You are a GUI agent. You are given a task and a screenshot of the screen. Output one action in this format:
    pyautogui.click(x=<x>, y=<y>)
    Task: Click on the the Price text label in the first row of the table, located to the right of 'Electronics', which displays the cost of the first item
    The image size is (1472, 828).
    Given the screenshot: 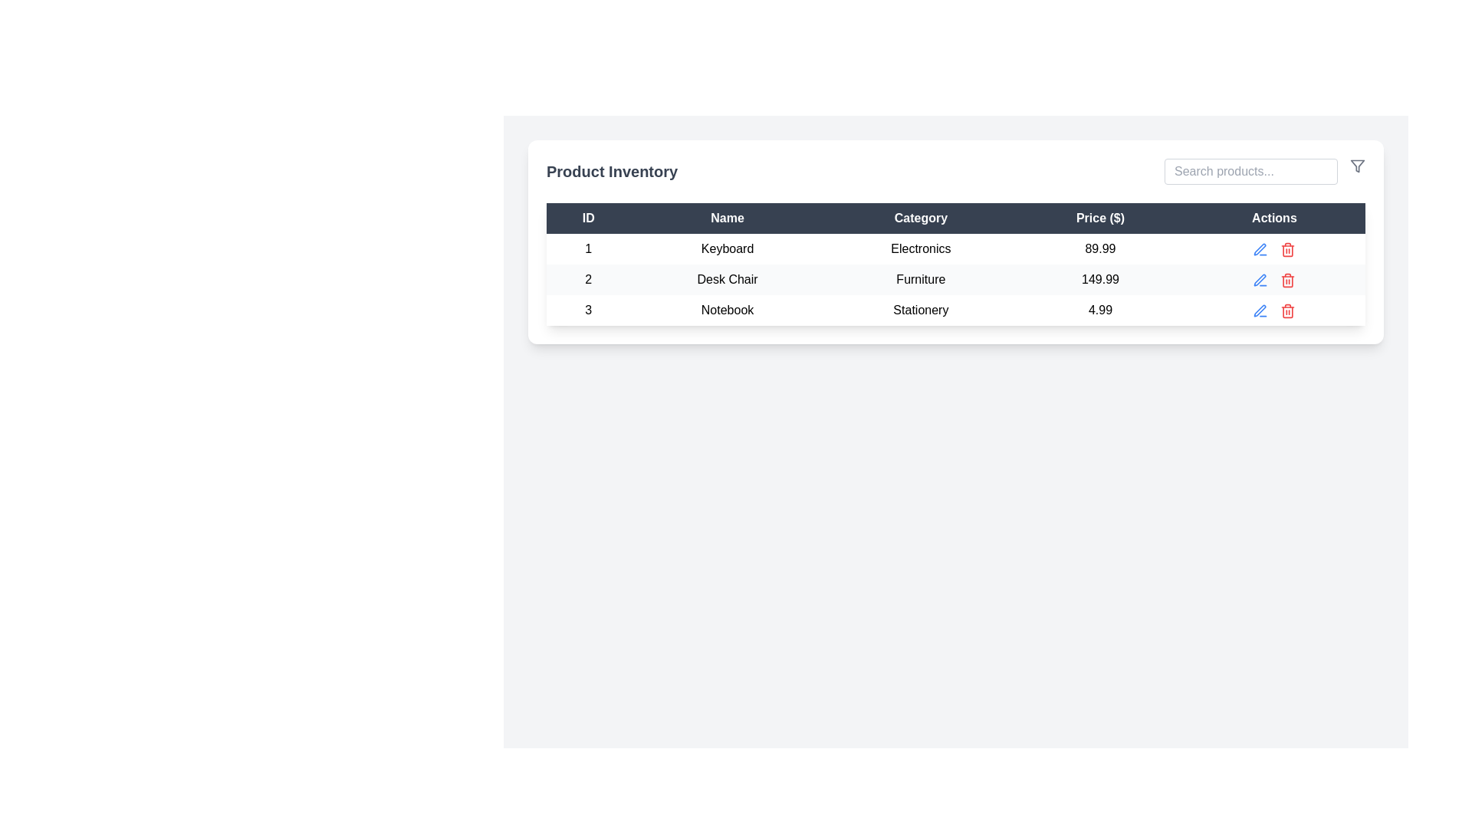 What is the action you would take?
    pyautogui.click(x=1099, y=248)
    